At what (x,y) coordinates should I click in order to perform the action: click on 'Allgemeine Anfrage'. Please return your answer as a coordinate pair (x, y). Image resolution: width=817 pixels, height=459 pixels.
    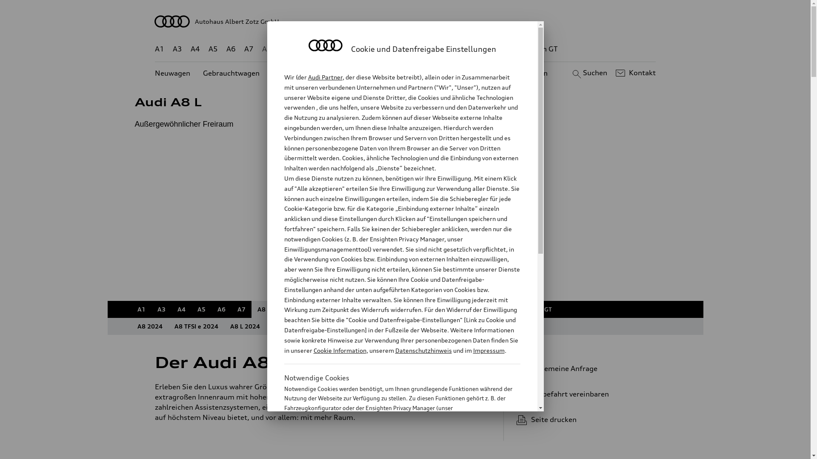
    Looking at the image, I should click on (582, 368).